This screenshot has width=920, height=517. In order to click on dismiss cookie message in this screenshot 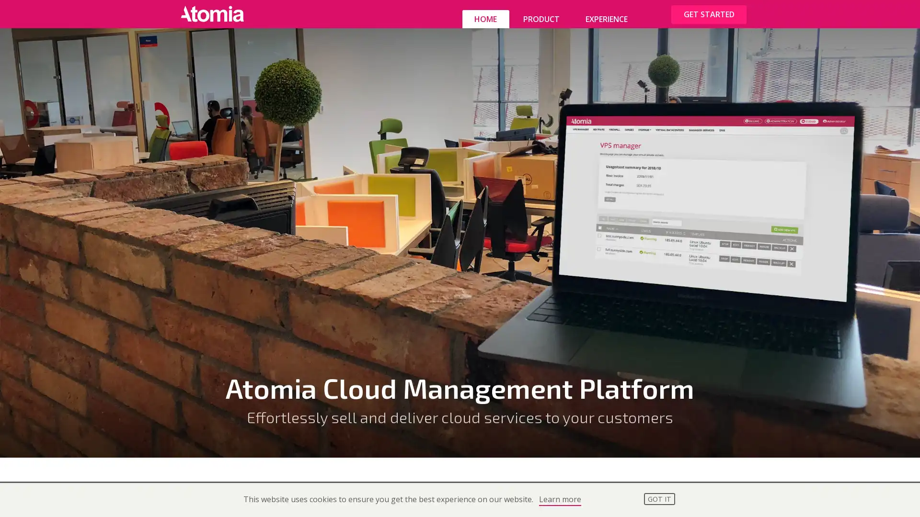, I will do `click(659, 498)`.